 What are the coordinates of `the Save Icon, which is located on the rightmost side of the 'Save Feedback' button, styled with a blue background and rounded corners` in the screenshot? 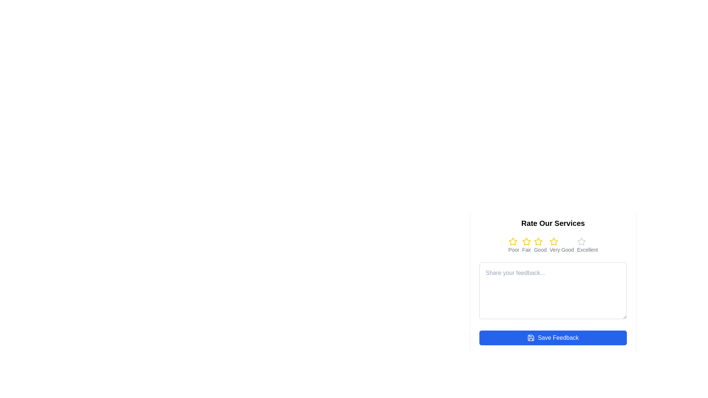 It's located at (531, 338).